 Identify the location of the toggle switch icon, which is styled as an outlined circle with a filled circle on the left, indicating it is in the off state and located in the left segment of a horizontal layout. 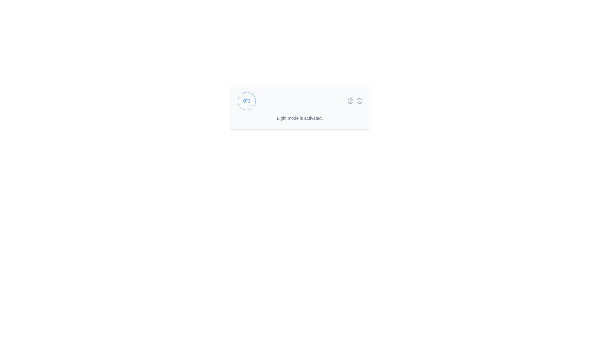
(246, 101).